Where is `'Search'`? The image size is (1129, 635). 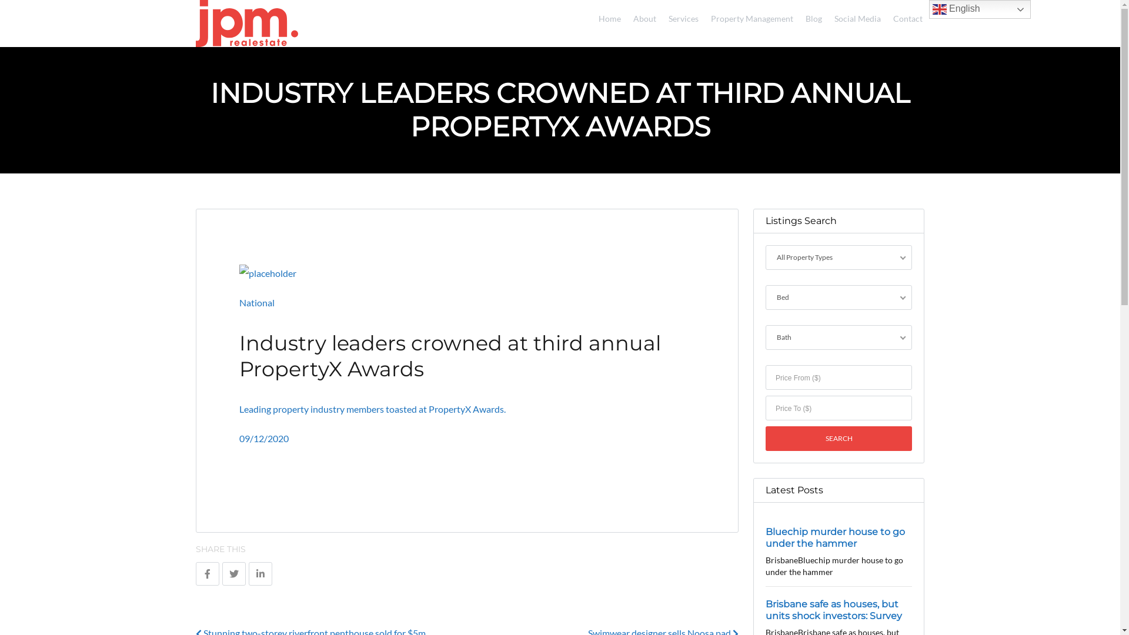
'Search' is located at coordinates (838, 438).